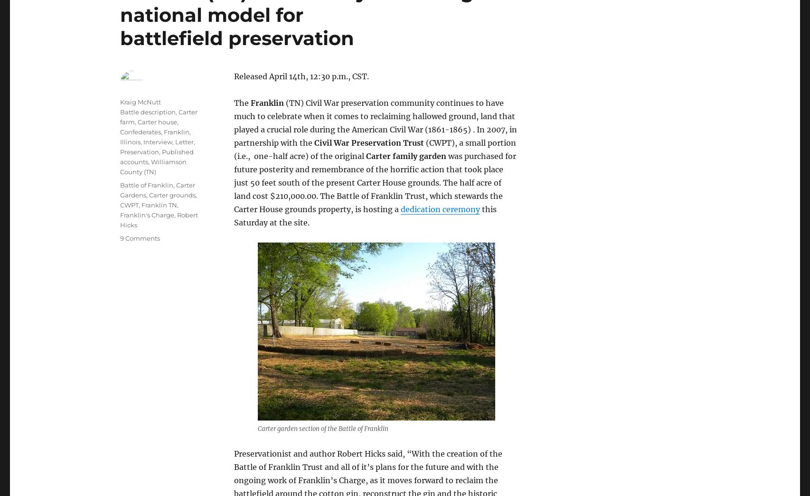  What do you see at coordinates (257, 428) in the screenshot?
I see `'Carter garden section of the Battle of Franklin'` at bounding box center [257, 428].